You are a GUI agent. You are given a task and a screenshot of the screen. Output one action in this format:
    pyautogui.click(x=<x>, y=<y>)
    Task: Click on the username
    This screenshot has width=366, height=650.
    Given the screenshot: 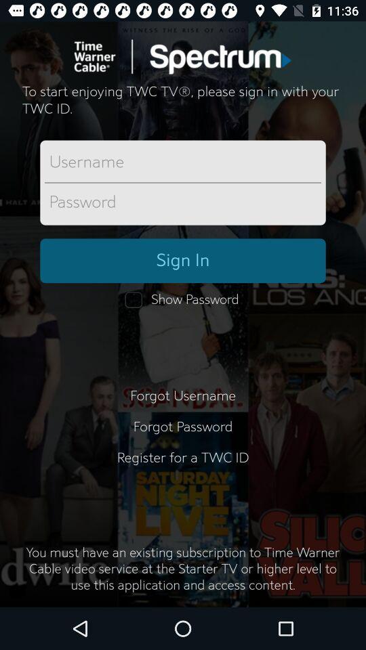 What is the action you would take?
    pyautogui.click(x=183, y=162)
    